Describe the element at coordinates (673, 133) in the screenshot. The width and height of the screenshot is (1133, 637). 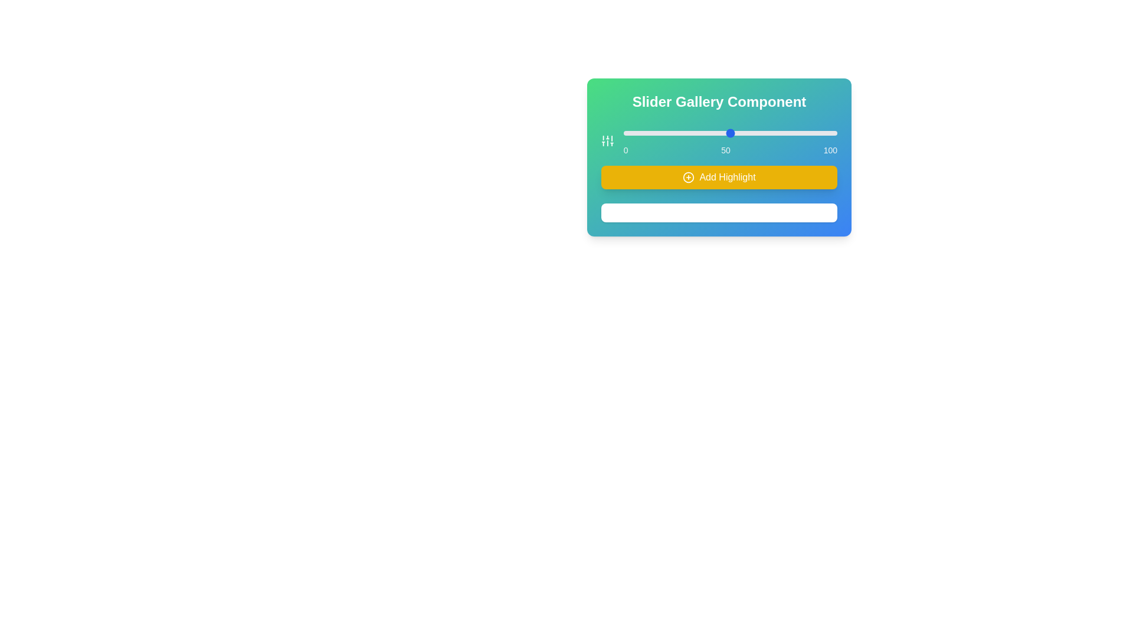
I see `the slider value` at that location.